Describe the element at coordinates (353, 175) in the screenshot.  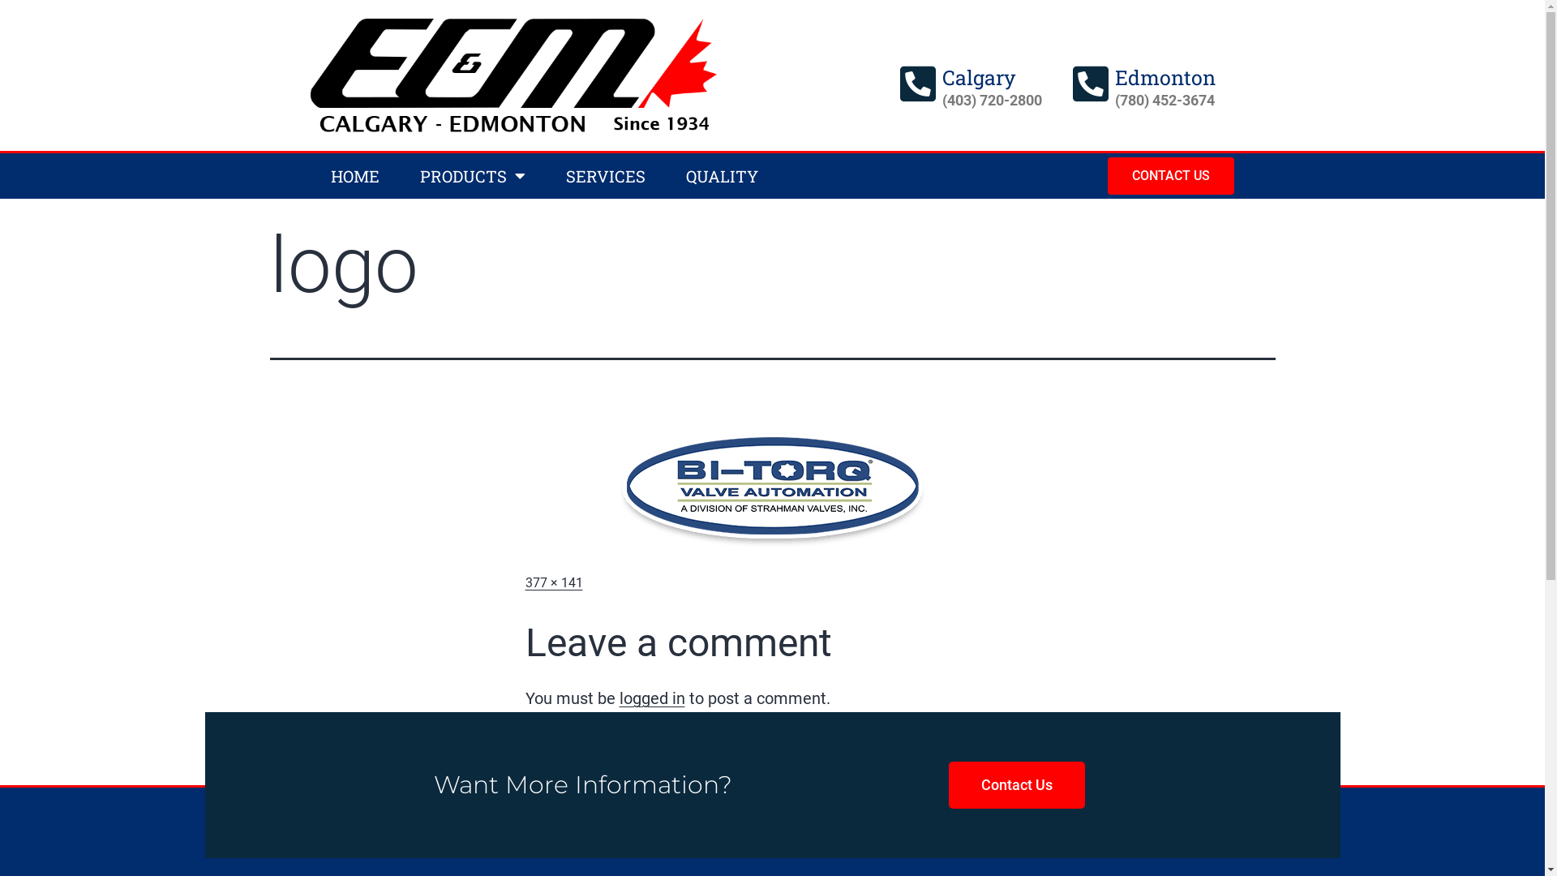
I see `'HOME'` at that location.